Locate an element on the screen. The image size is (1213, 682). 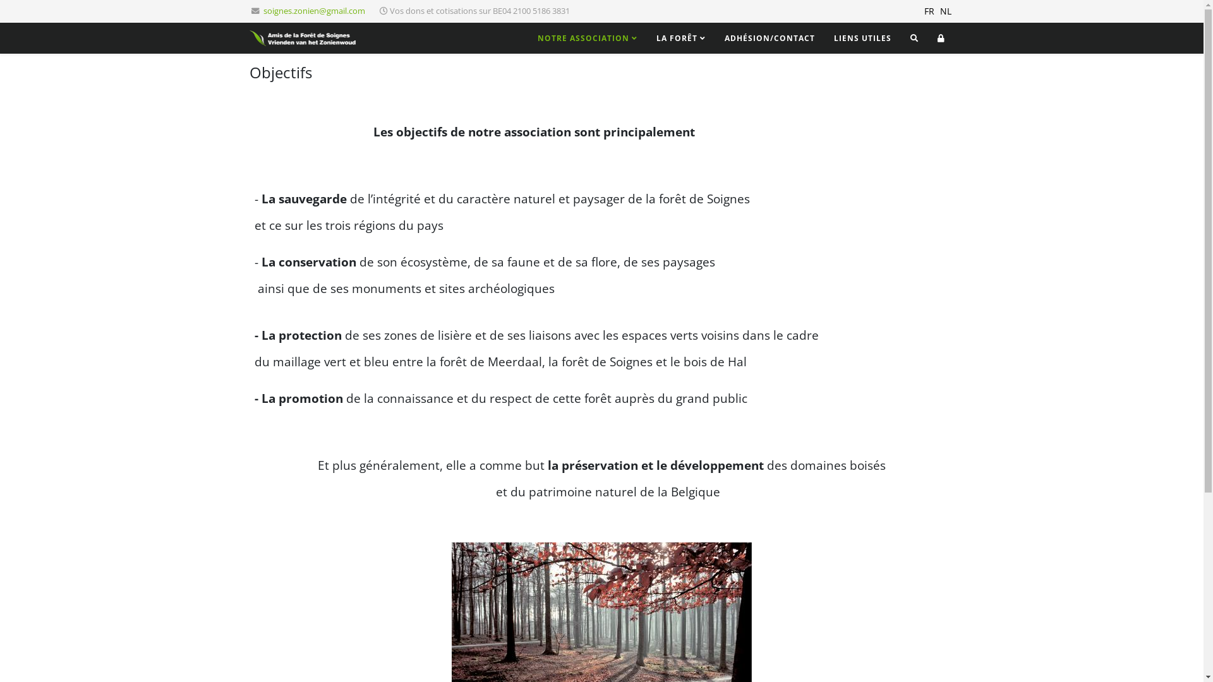
'soignes.zonien@gmail.com' is located at coordinates (313, 11).